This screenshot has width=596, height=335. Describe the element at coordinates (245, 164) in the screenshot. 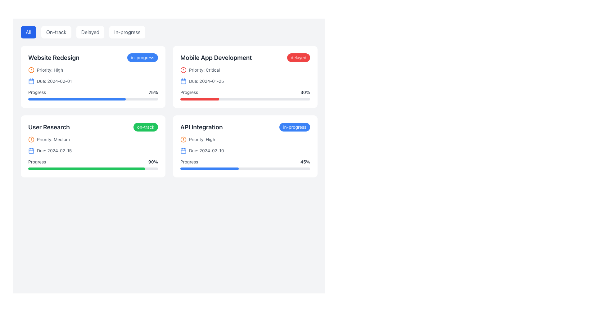

I see `the progress value displayed on the progress bar labeled 'Progress' at the bottom of the 'API Integration' card, which shows '45%'` at that location.